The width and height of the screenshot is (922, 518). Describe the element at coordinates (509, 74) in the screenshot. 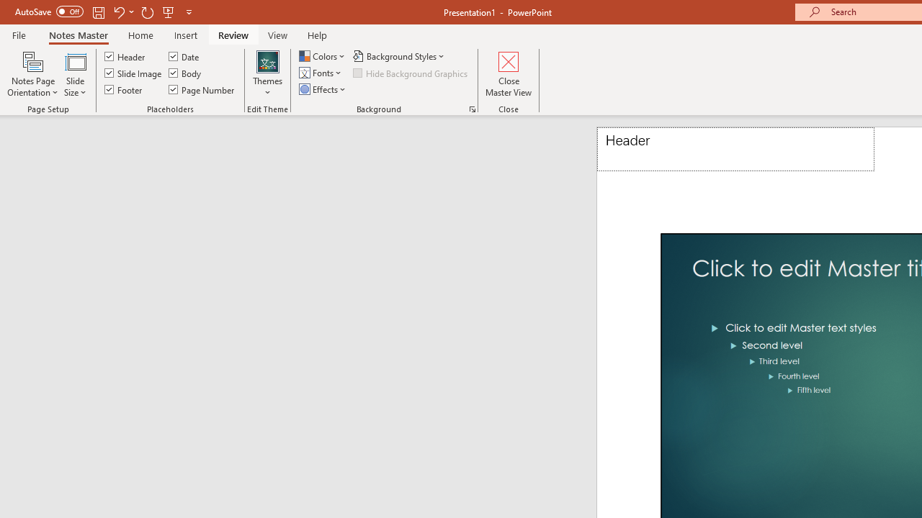

I see `'Close Master View'` at that location.